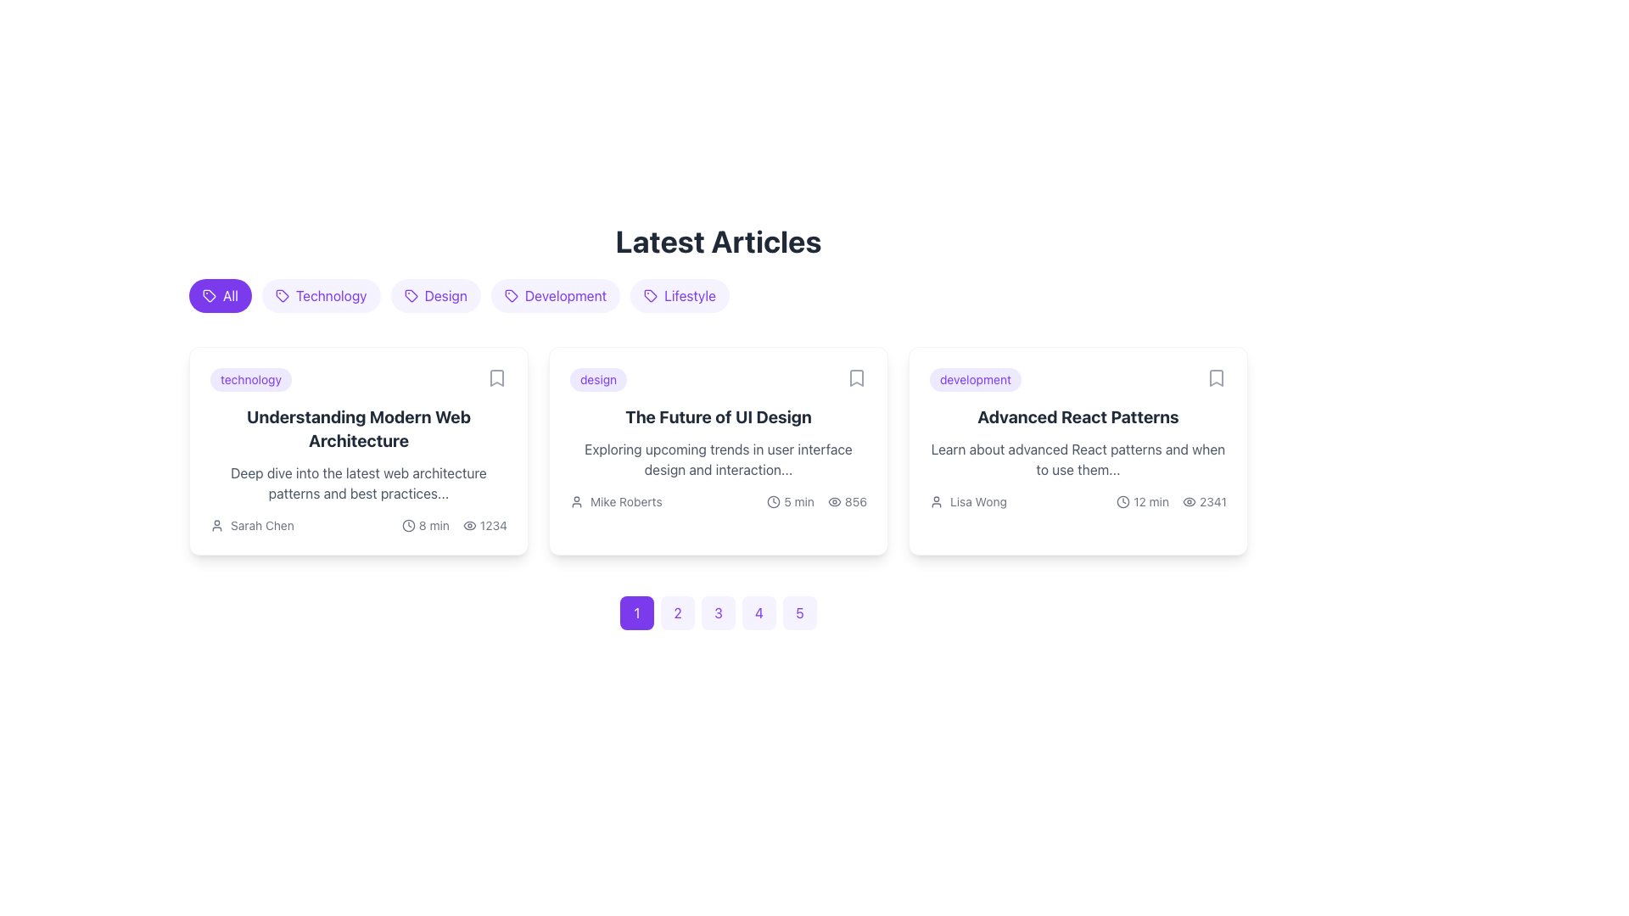 The height and width of the screenshot is (916, 1629). Describe the element at coordinates (321, 294) in the screenshot. I see `the 'Technology' filter button located between the 'All' button and the 'Design' button to filter content accordingly` at that location.